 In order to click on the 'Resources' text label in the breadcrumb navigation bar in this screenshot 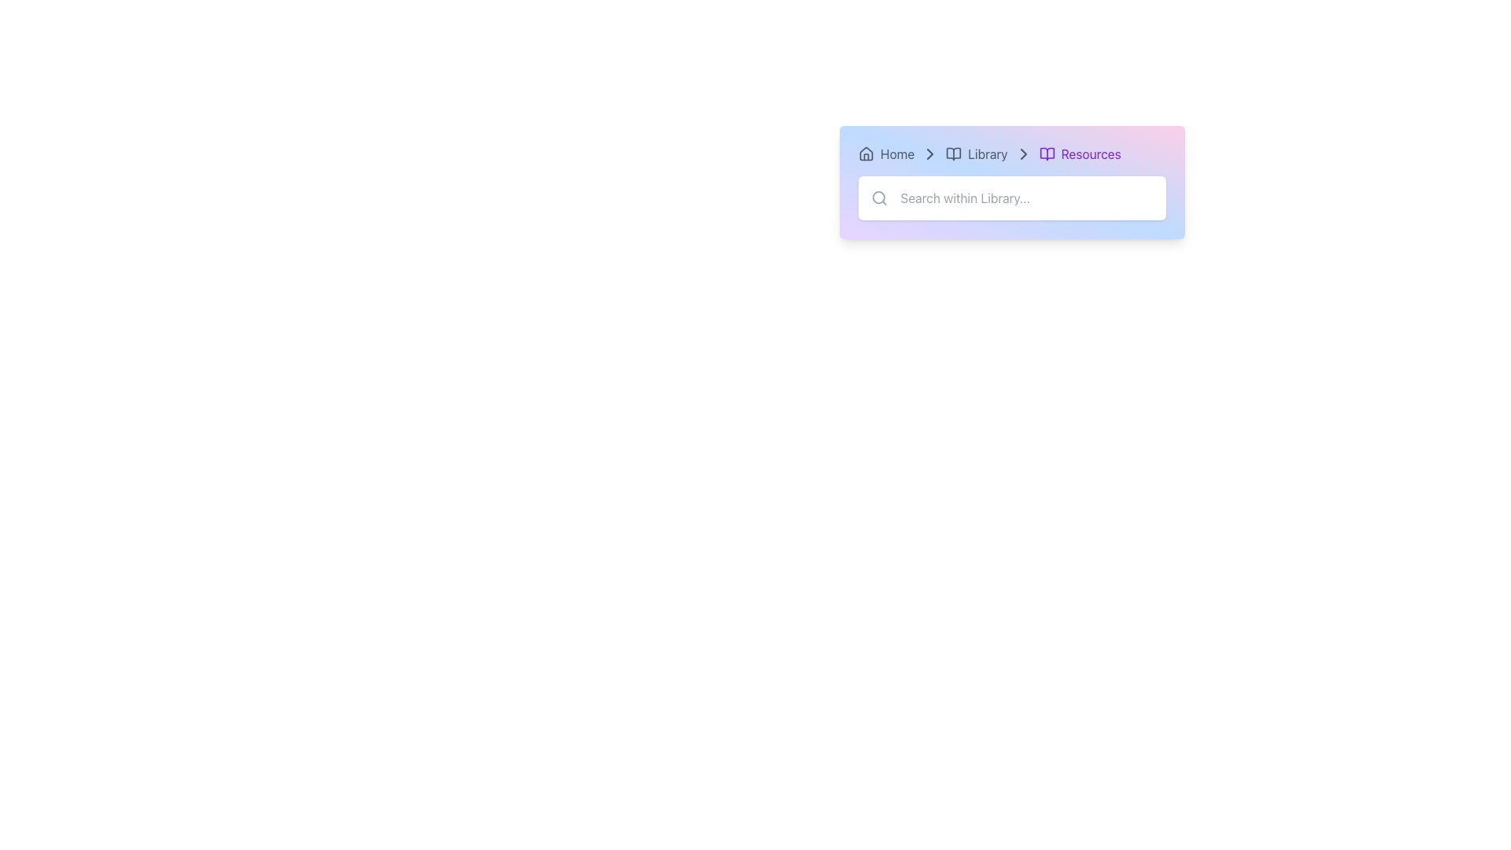, I will do `click(1079, 154)`.